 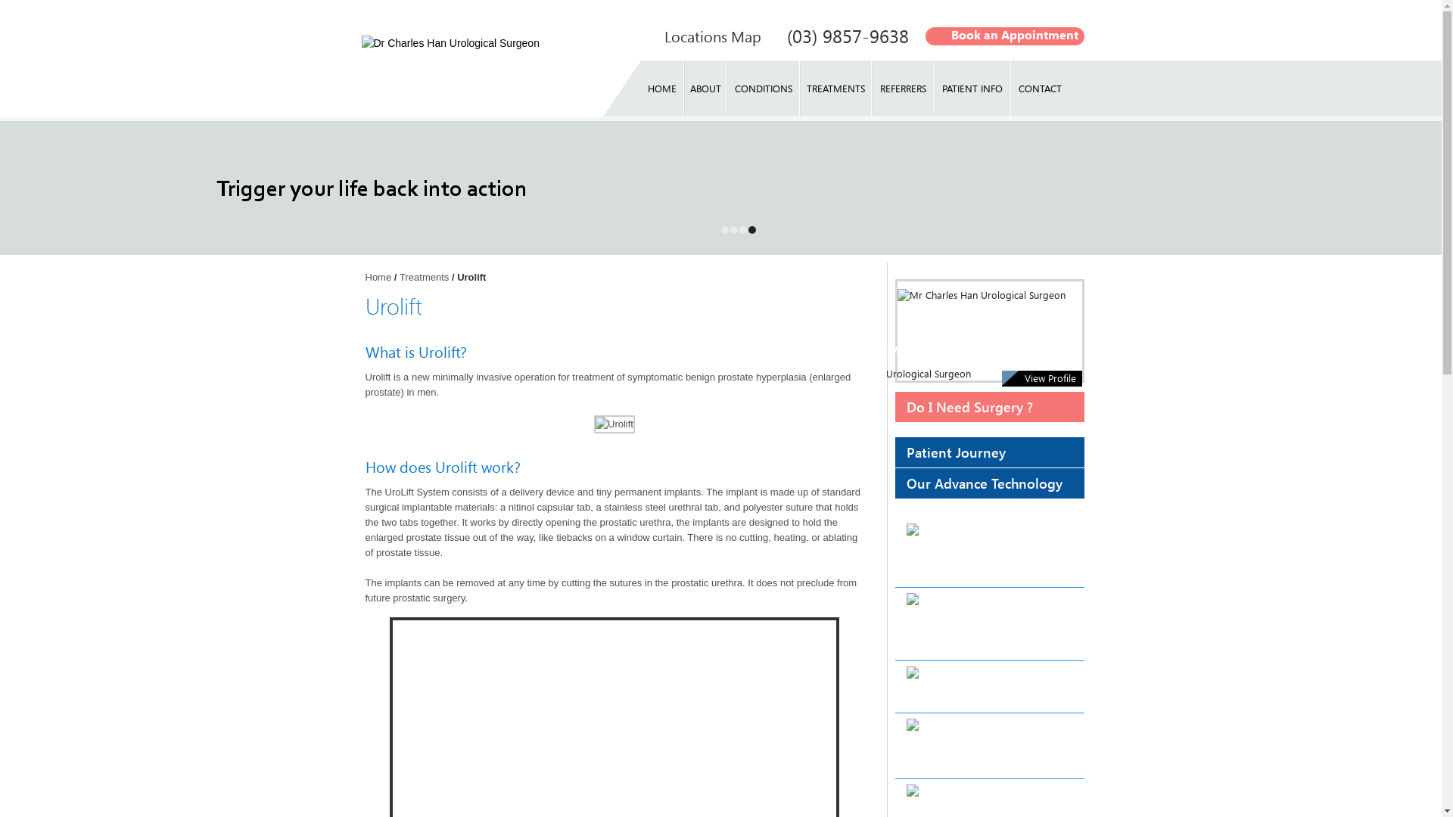 What do you see at coordinates (940, 350) in the screenshot?
I see `'Mr Charles Han'` at bounding box center [940, 350].